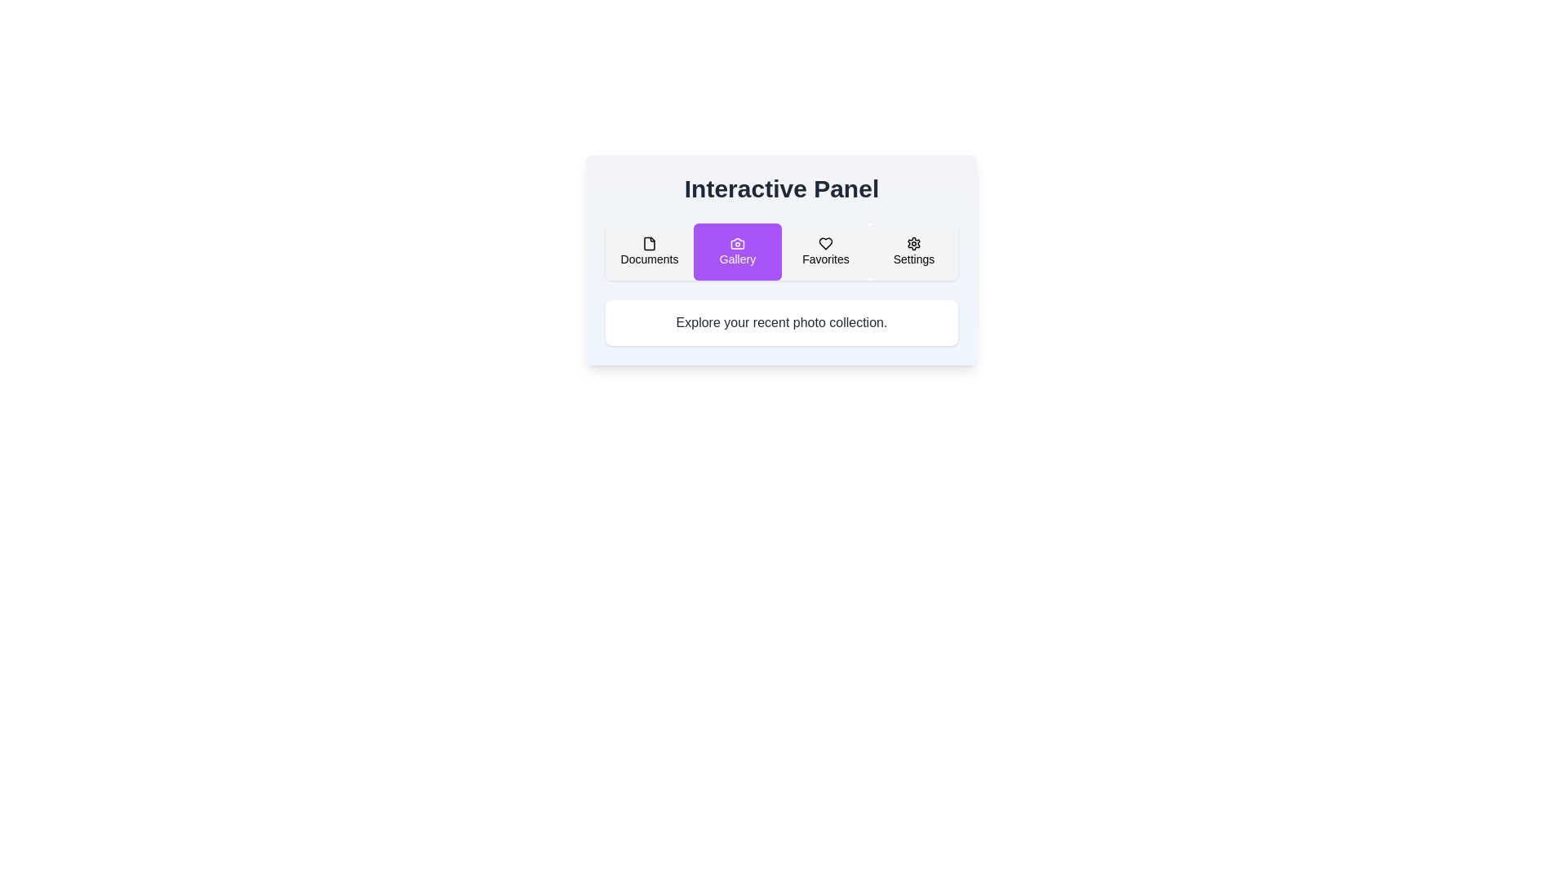 This screenshot has height=881, width=1567. Describe the element at coordinates (781, 323) in the screenshot. I see `the static text block that contains the message 'Explore your recent photo collection.' which is styled with a white background and centered black text within a visually distinct panel` at that location.